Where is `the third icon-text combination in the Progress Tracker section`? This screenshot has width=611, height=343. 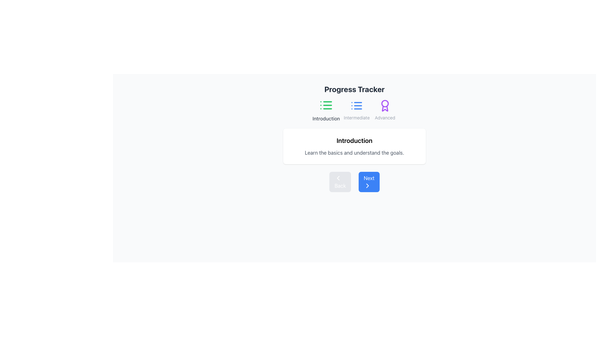 the third icon-text combination in the Progress Tracker section is located at coordinates (384, 110).